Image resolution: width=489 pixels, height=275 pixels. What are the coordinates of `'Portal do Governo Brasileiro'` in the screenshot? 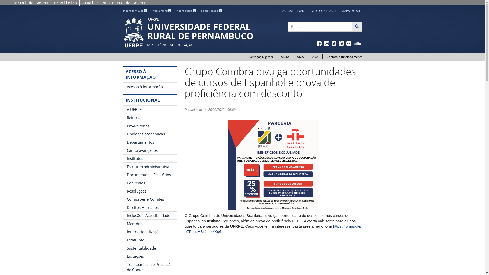 It's located at (12, 3).